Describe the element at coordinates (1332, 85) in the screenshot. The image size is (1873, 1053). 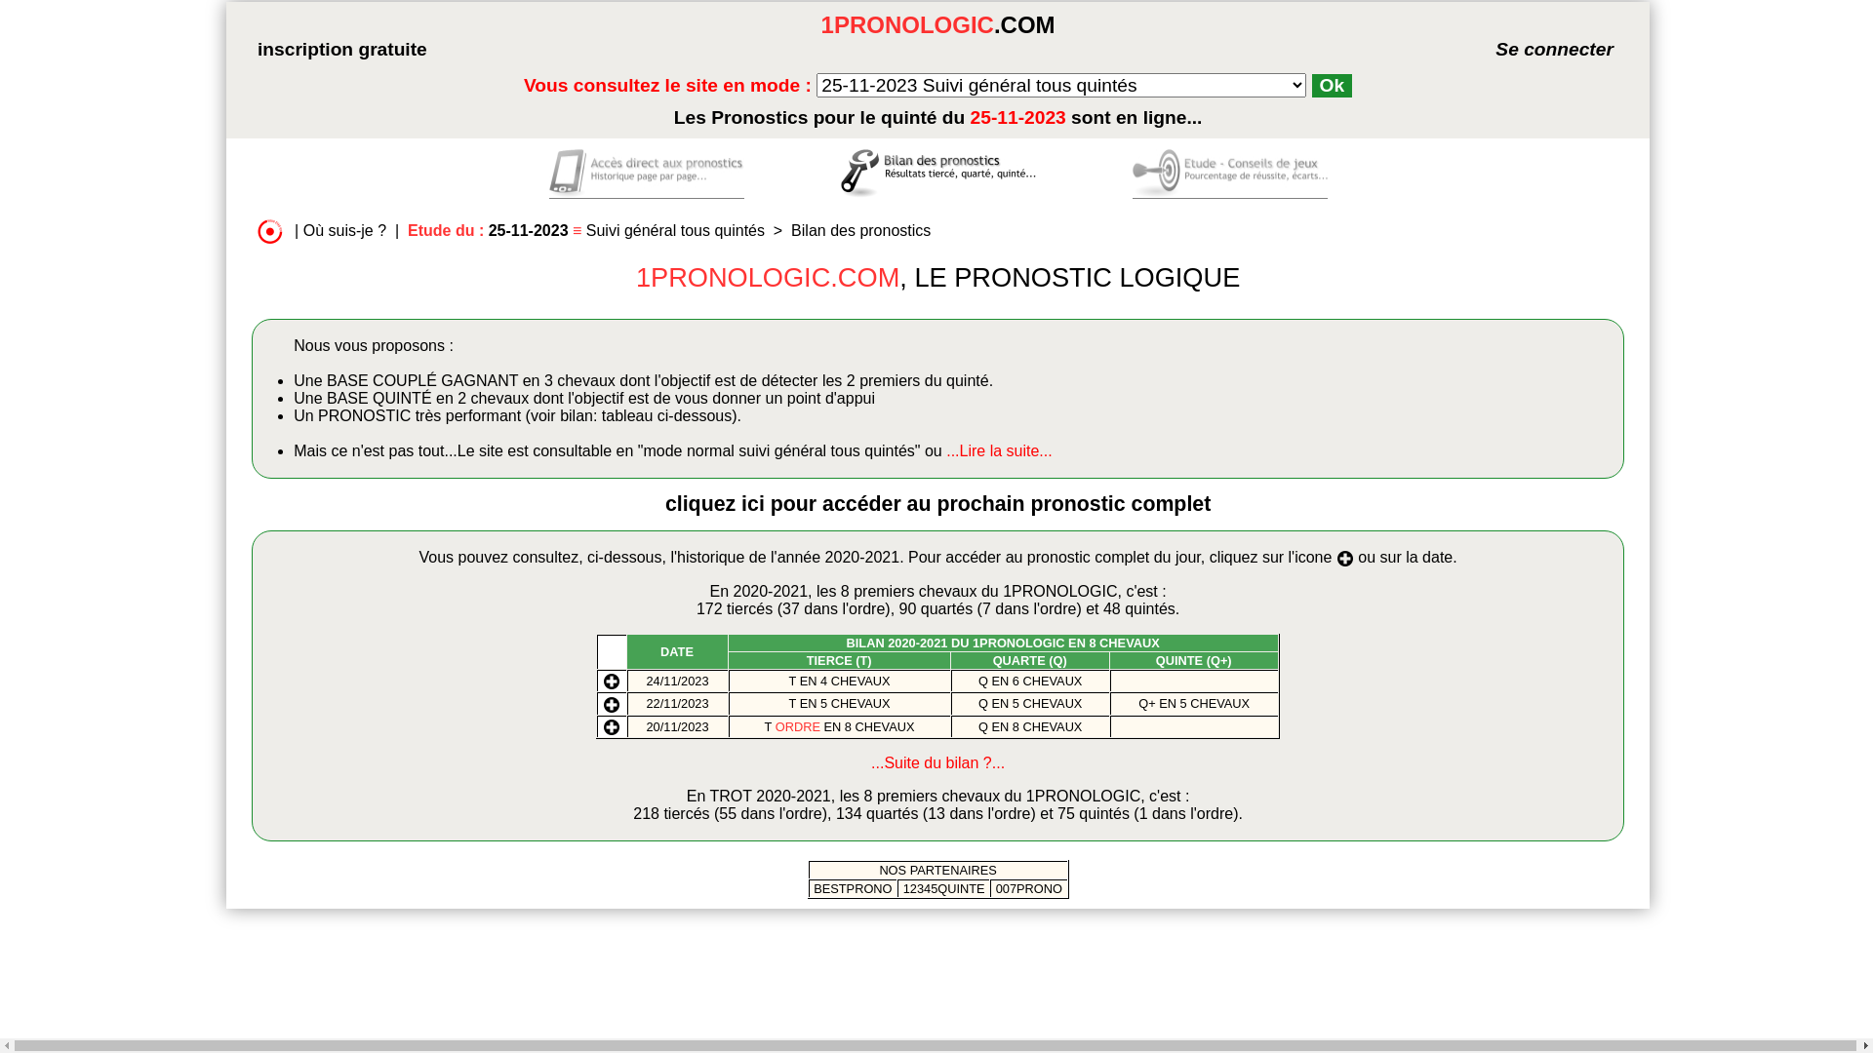
I see `'Ok'` at that location.